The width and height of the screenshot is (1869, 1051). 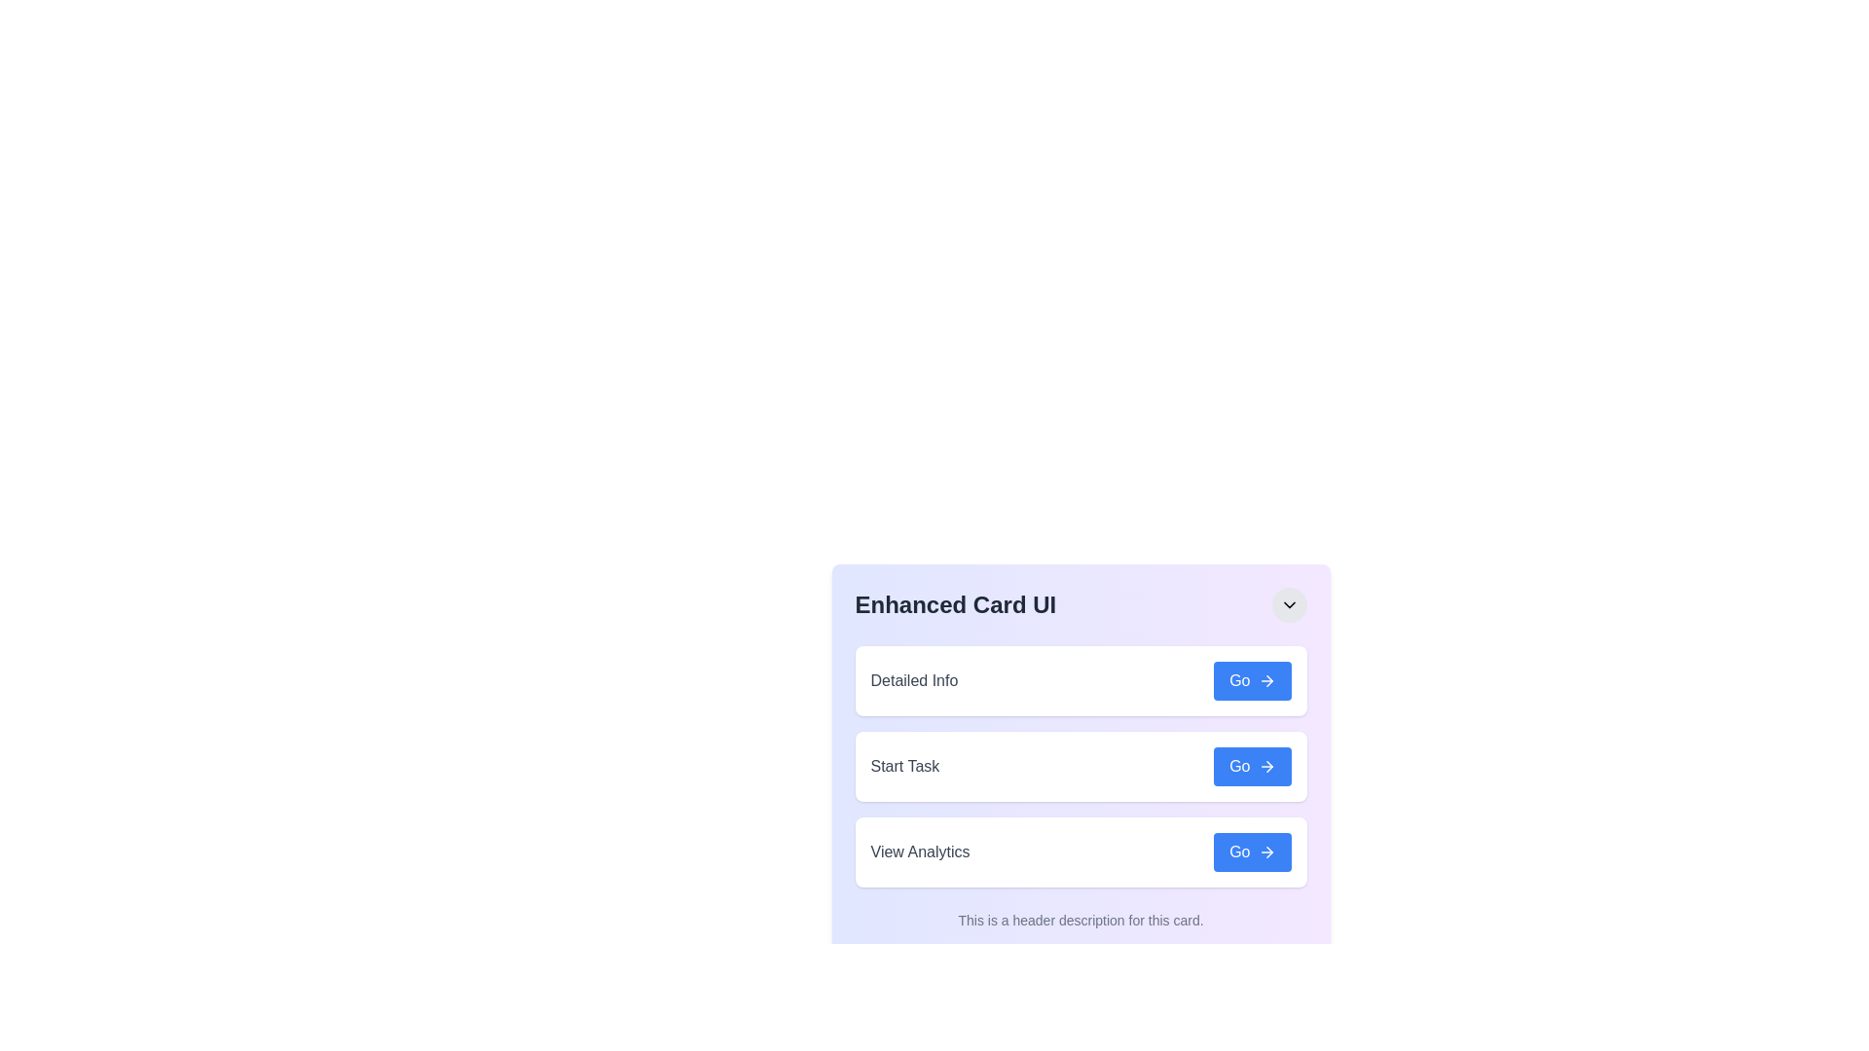 I want to click on the rightward-pointing arrow icon located in the third button row titled 'View Analytics' within the card interface, so click(x=1269, y=851).